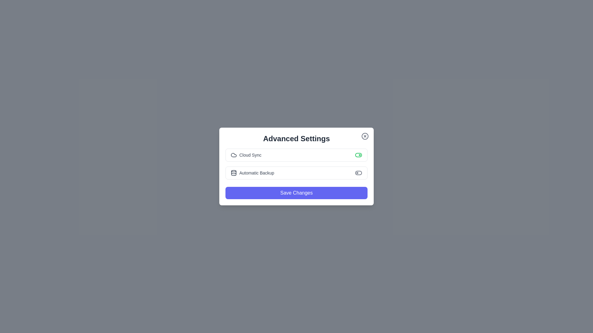 The width and height of the screenshot is (593, 333). I want to click on the database icon representing the Automatic Backup feature, which is a black minimalist cylinder icon located on the left-most side of the list item, so click(233, 173).